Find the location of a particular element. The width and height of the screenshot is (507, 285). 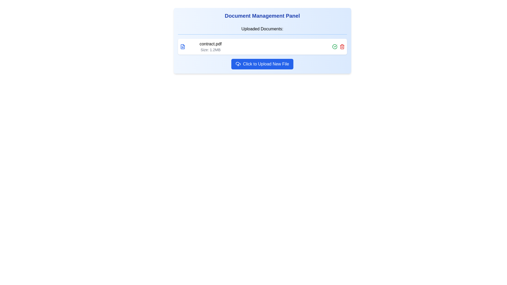

the red-colored trash icon button, which is located to the right side of the document details row is located at coordinates (342, 46).